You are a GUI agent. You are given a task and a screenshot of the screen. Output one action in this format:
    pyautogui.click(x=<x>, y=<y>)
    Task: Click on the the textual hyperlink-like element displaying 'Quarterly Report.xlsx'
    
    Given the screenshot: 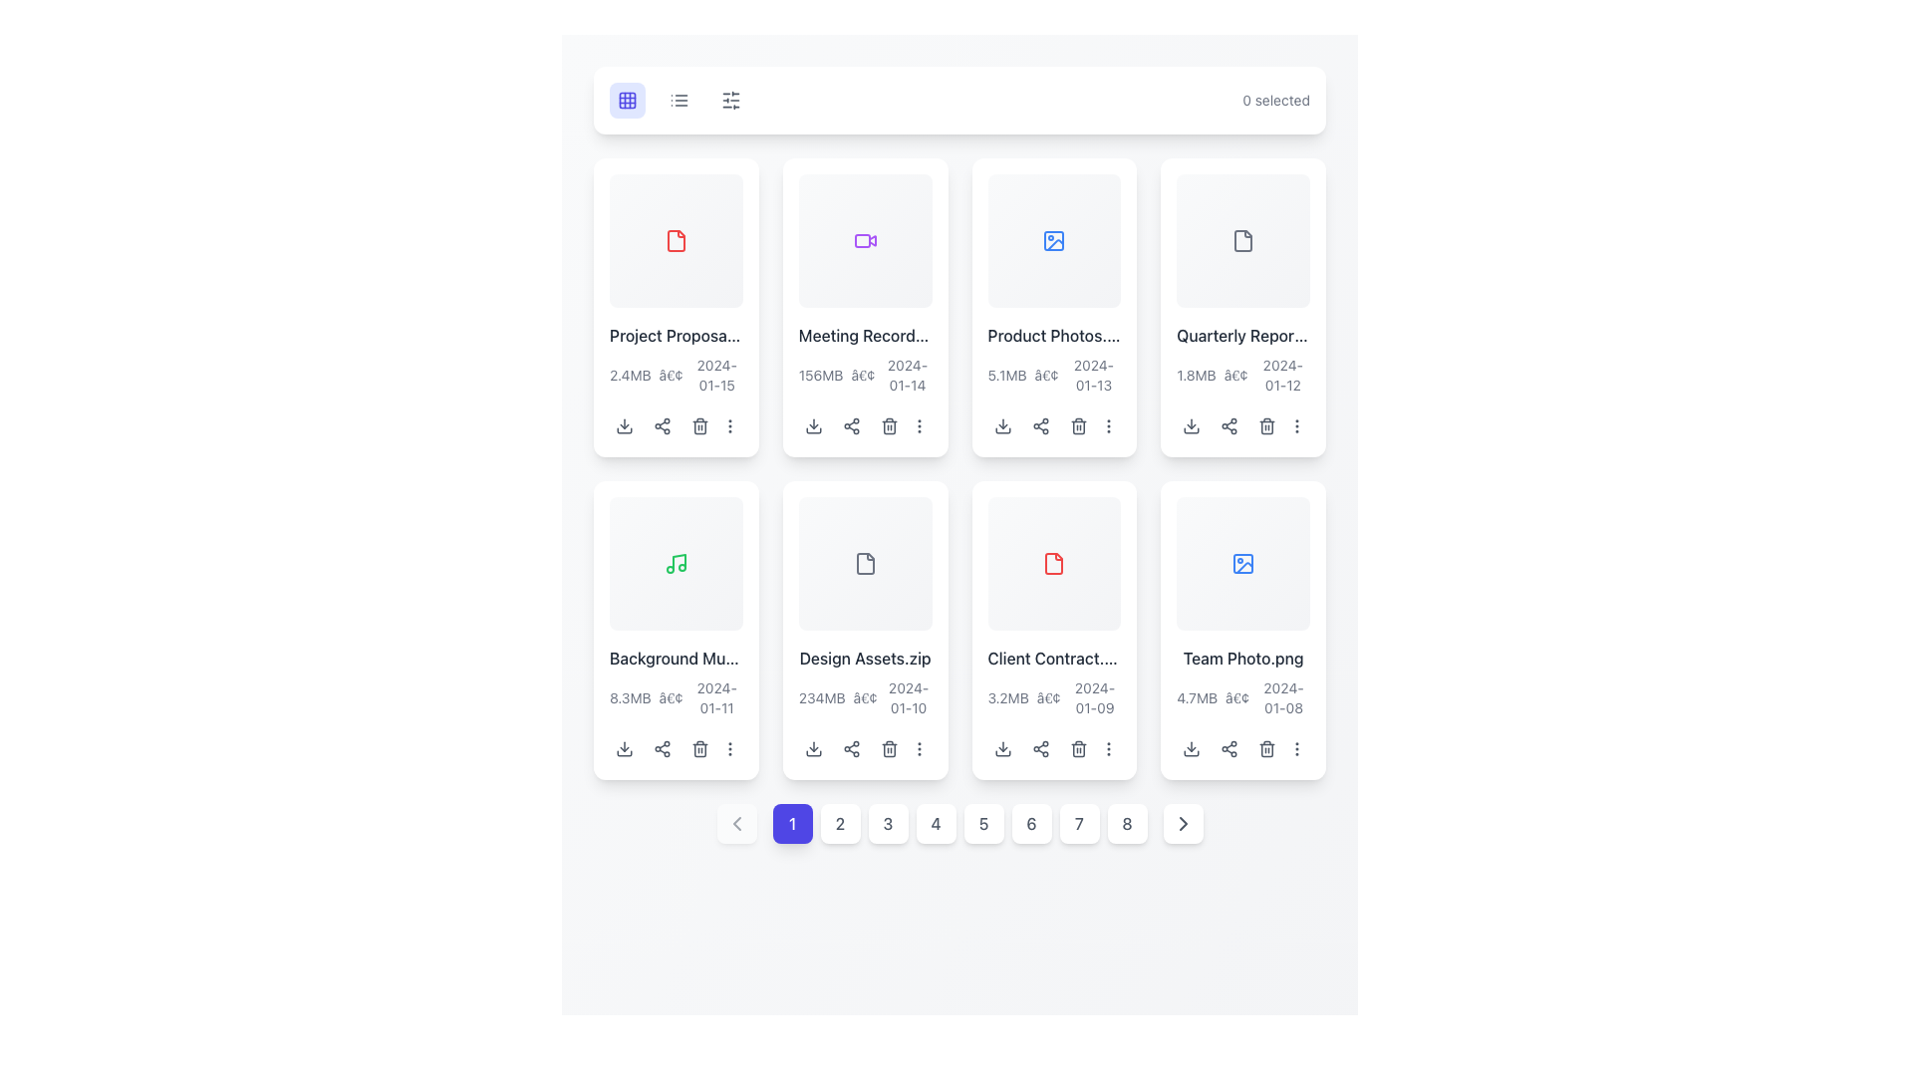 What is the action you would take?
    pyautogui.click(x=1242, y=359)
    